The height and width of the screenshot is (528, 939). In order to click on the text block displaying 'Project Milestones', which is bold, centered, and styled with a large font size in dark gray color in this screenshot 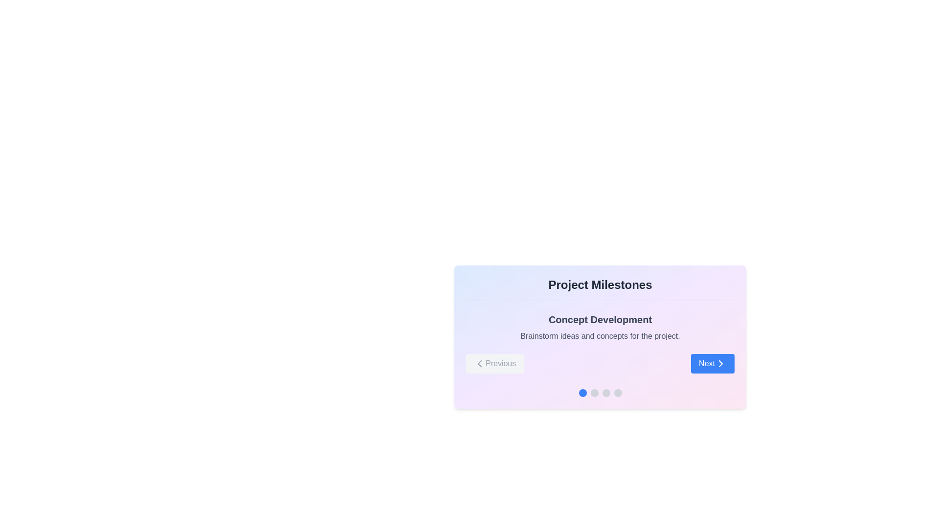, I will do `click(600, 288)`.